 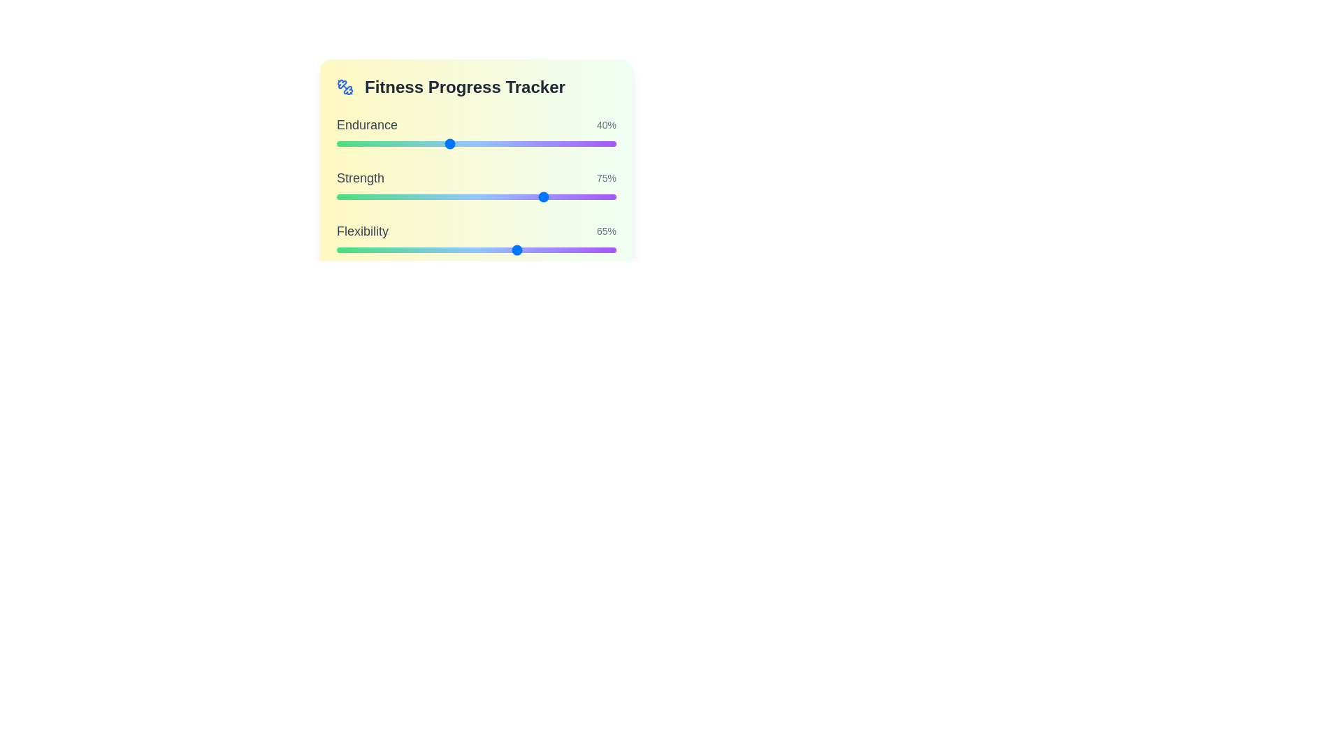 I want to click on flexibility value, so click(x=487, y=250).